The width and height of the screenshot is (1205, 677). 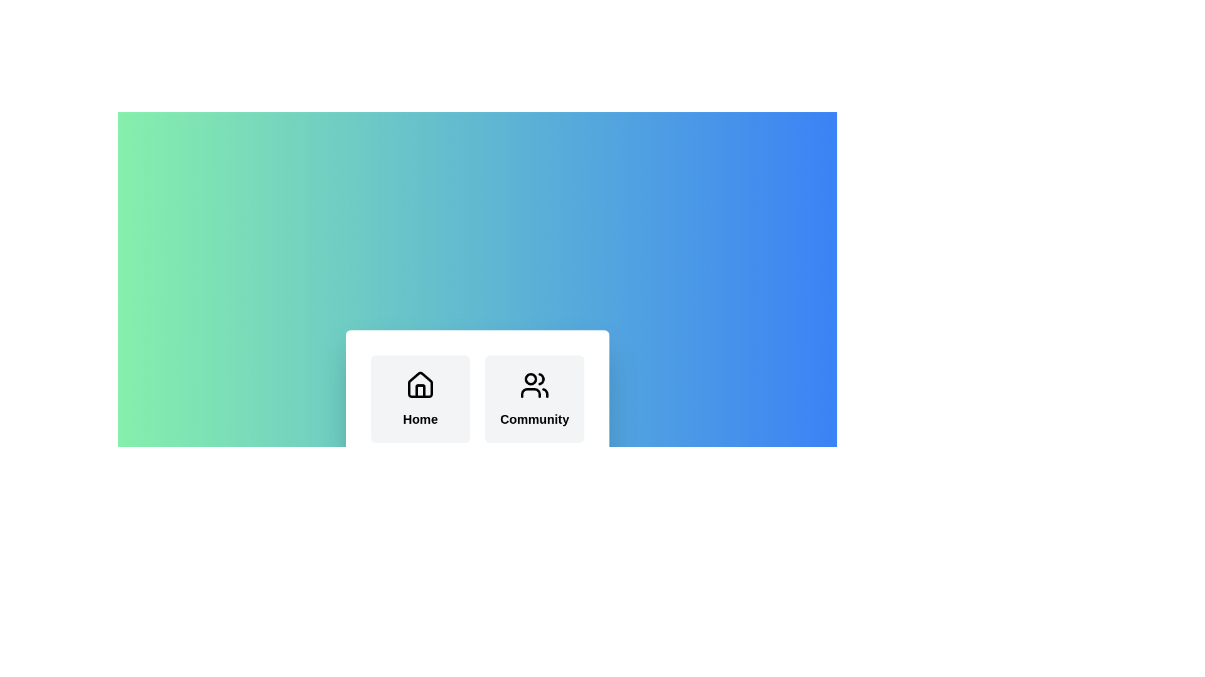 I want to click on rightmost curve of the second user's head in the user group icon SVG element within the 'Community' button, so click(x=542, y=379).